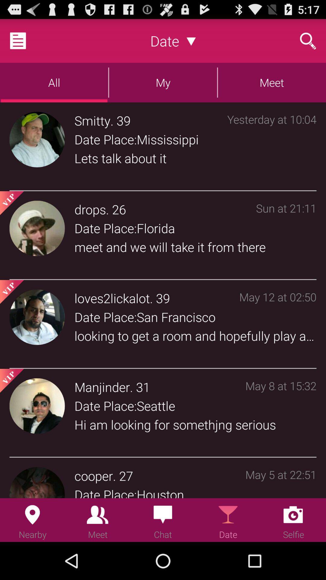  Describe the element at coordinates (25, 40) in the screenshot. I see `menu` at that location.